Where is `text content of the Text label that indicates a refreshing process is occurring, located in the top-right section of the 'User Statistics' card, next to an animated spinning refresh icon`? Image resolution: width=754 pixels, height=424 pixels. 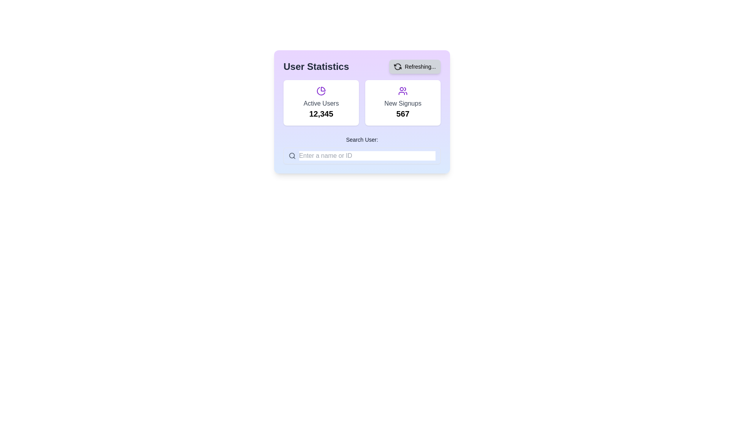 text content of the Text label that indicates a refreshing process is occurring, located in the top-right section of the 'User Statistics' card, next to an animated spinning refresh icon is located at coordinates (420, 66).